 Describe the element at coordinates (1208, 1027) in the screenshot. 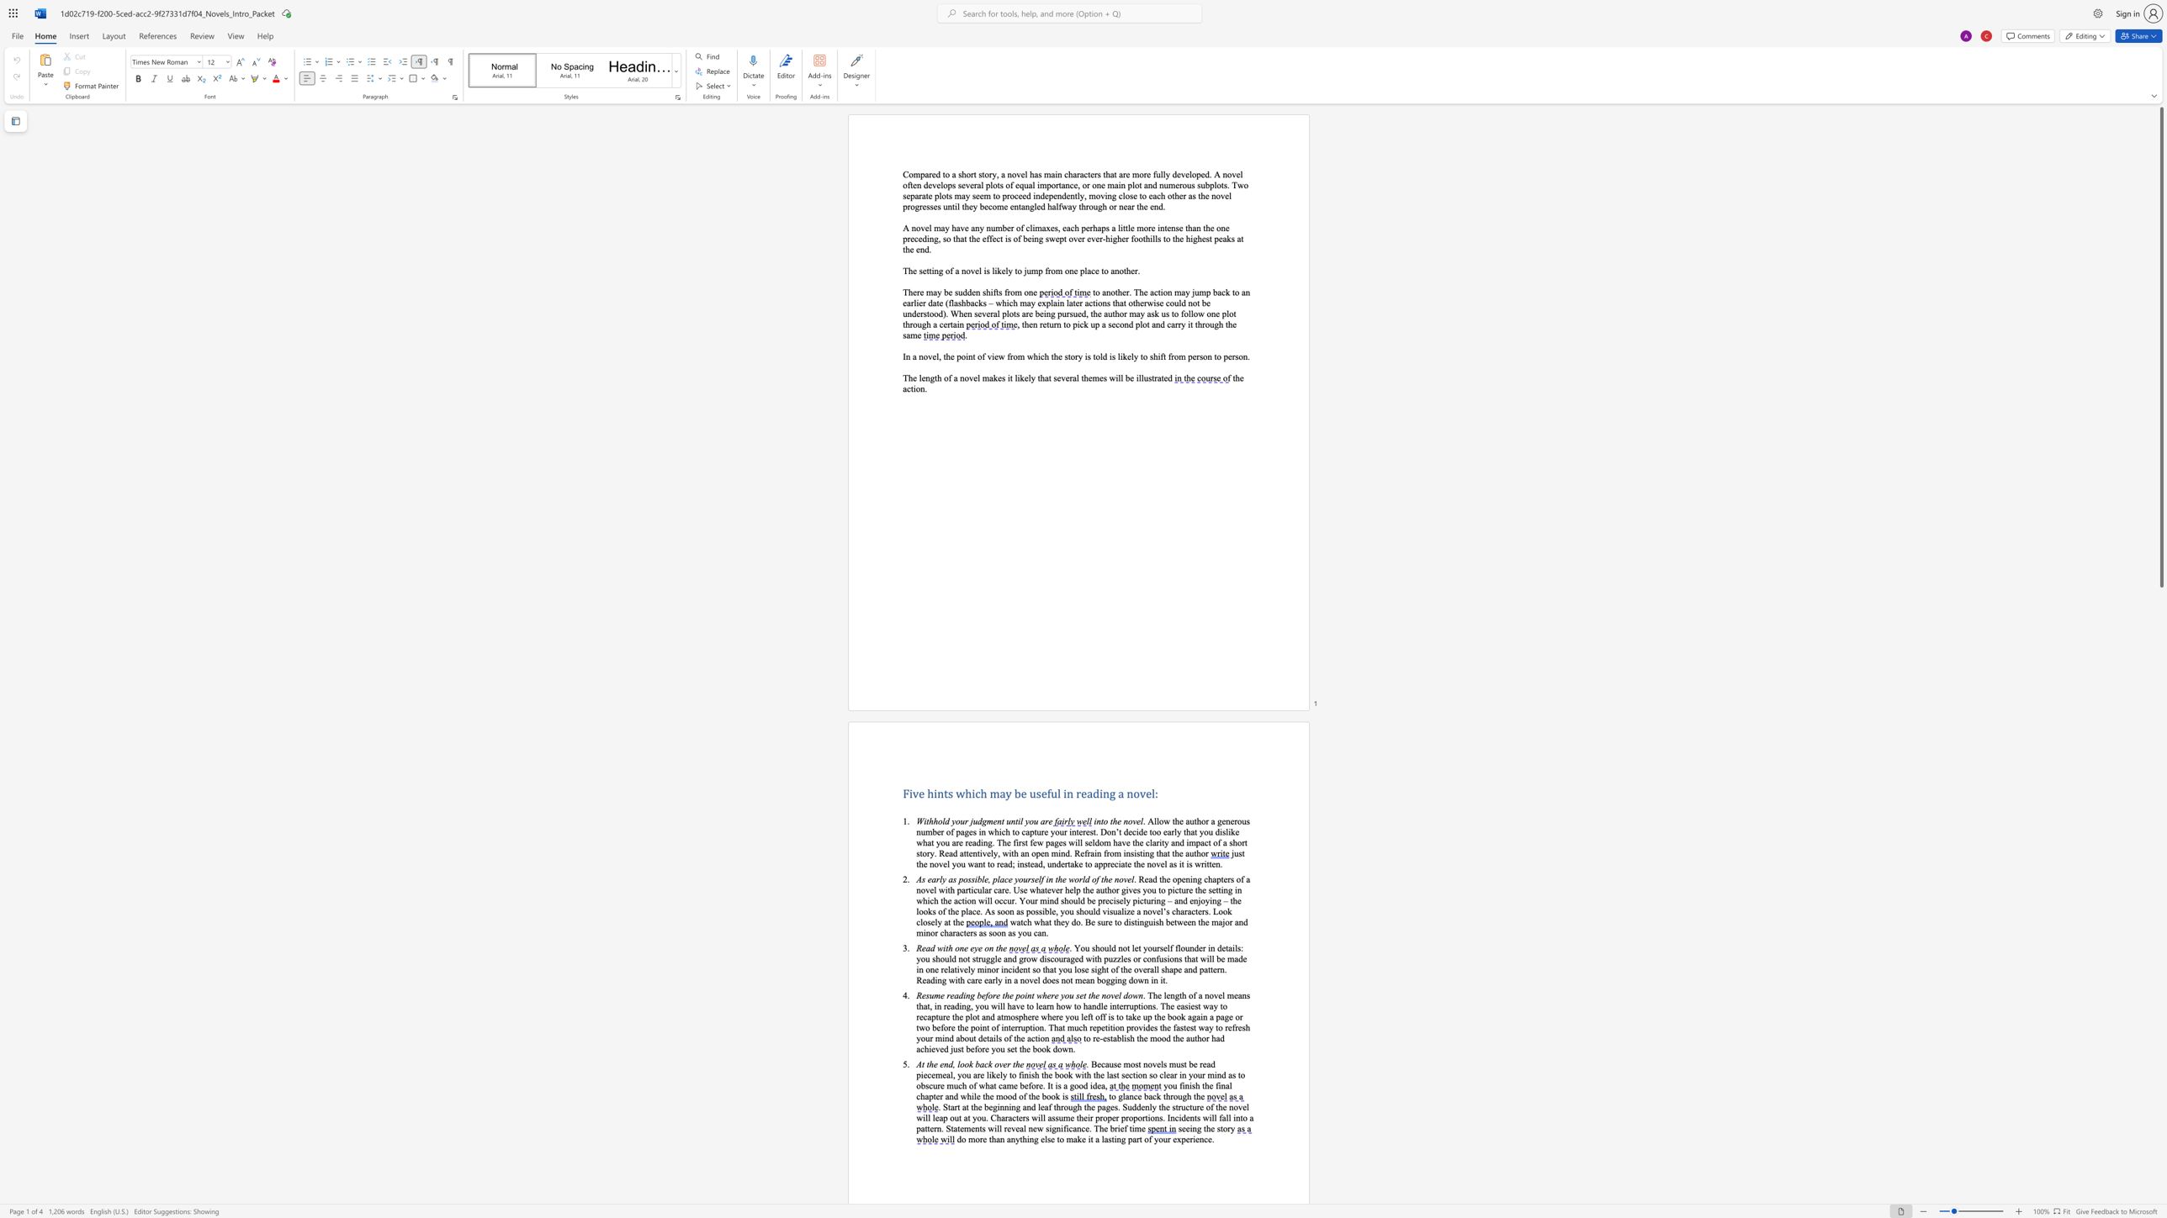

I see `the space between the continuous character "a" and "y" in the text` at that location.